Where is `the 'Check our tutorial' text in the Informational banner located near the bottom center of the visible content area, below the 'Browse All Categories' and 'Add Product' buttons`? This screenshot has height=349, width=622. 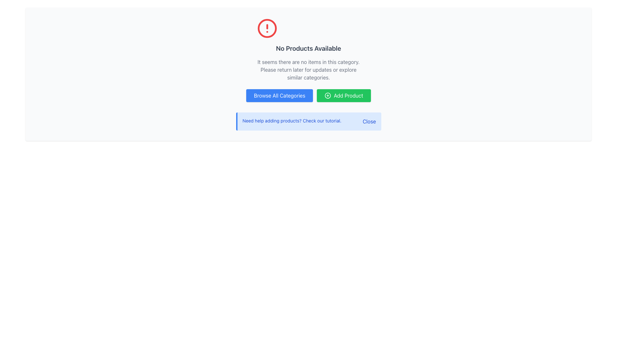 the 'Check our tutorial' text in the Informational banner located near the bottom center of the visible content area, below the 'Browse All Categories' and 'Add Product' buttons is located at coordinates (309, 121).